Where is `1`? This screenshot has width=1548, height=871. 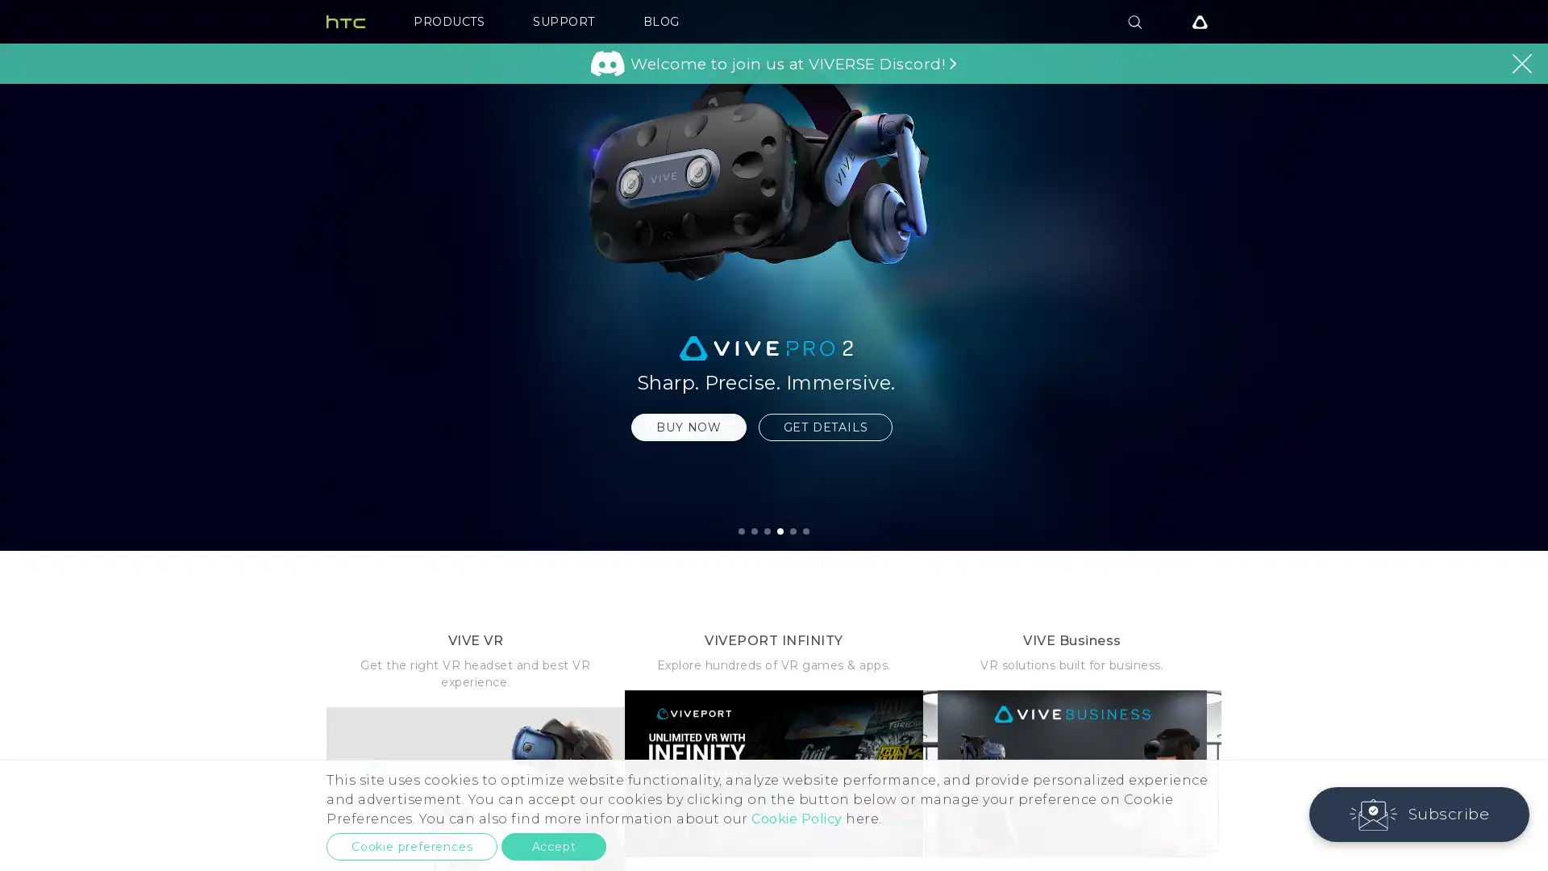 1 is located at coordinates (741, 531).